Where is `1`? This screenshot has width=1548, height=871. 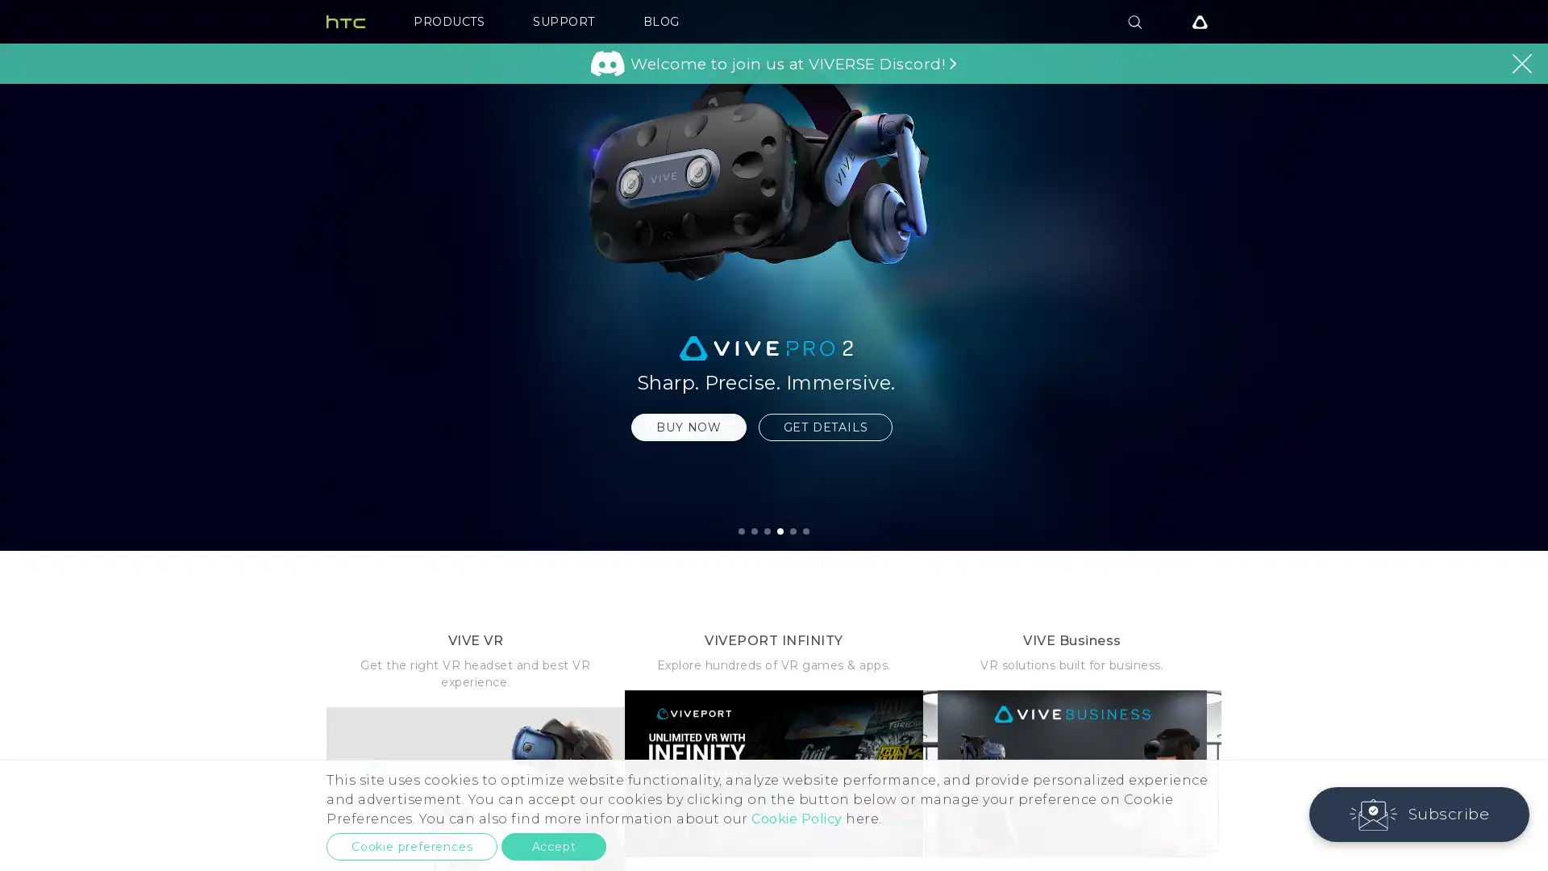 1 is located at coordinates (741, 531).